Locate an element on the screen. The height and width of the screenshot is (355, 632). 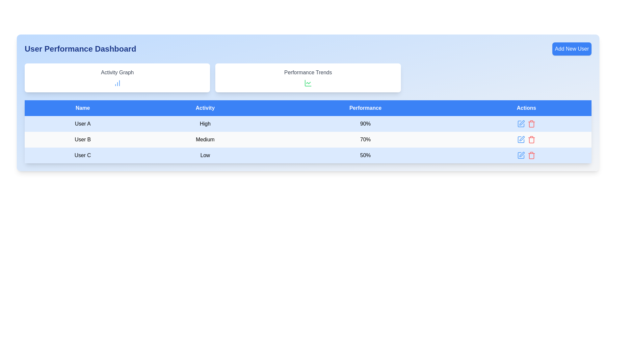
the edit action icon located in the 'Actions' column of the third row is located at coordinates (521, 139).